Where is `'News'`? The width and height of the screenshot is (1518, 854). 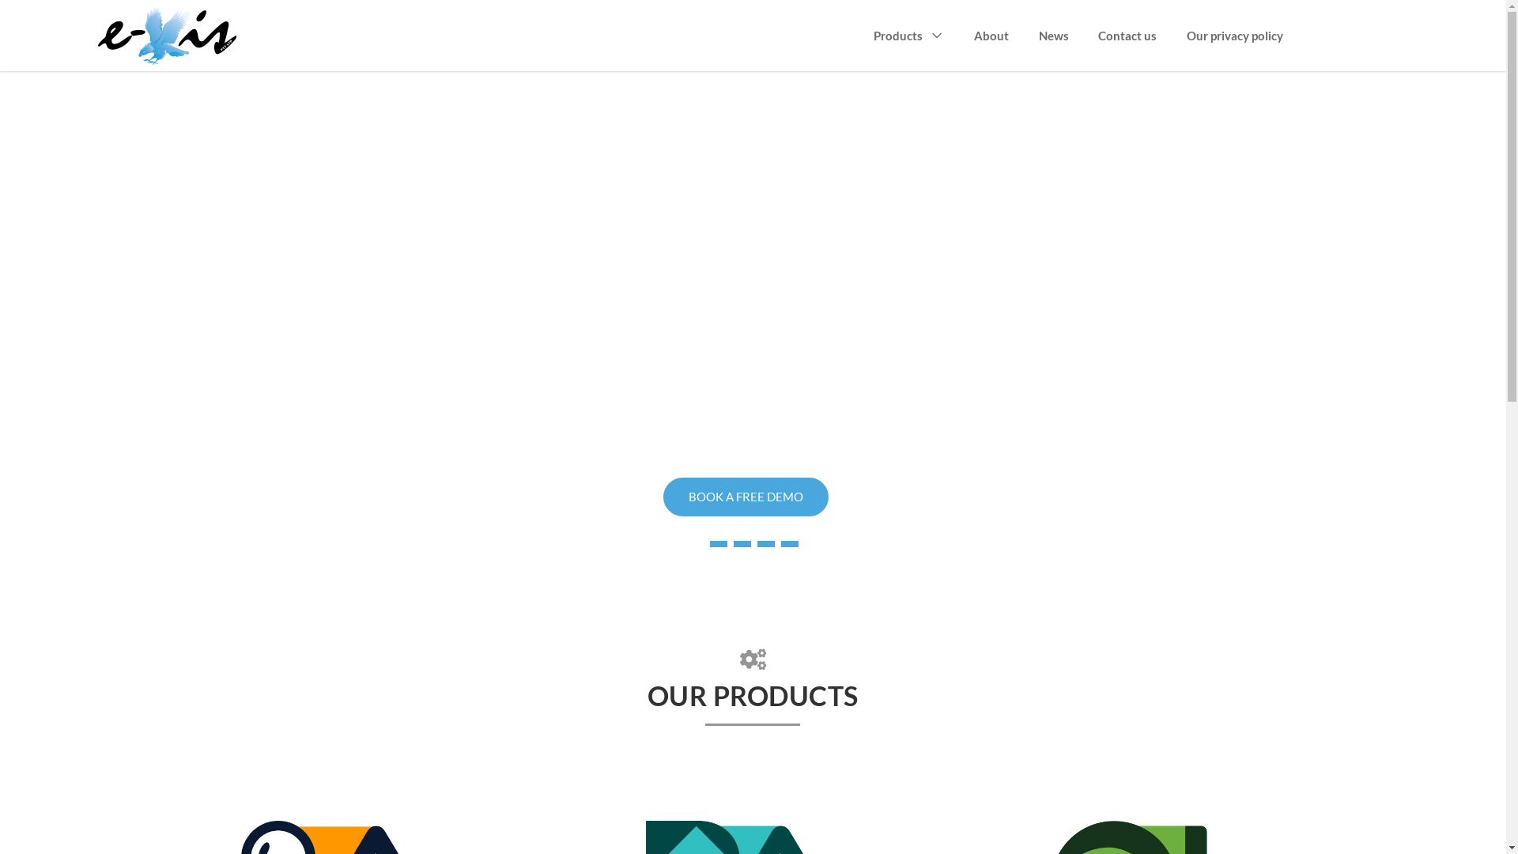
'News' is located at coordinates (1054, 36).